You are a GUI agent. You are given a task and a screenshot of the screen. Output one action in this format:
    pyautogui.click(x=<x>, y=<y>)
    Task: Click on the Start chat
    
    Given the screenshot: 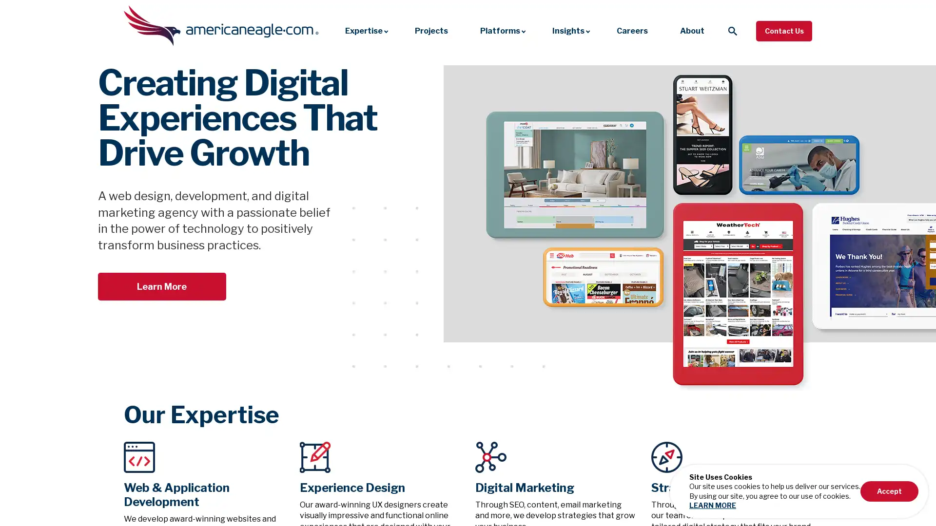 What is the action you would take?
    pyautogui.click(x=783, y=515)
    